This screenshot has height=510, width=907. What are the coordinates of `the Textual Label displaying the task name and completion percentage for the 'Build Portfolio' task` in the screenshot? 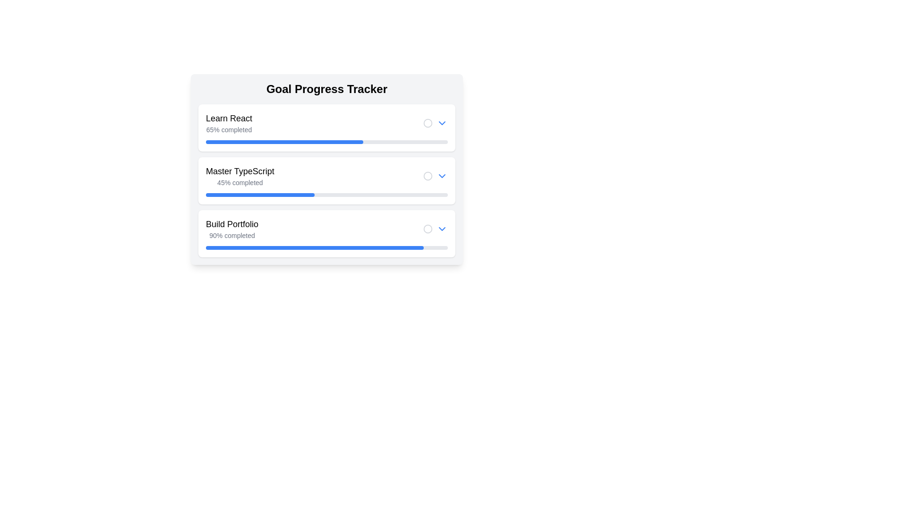 It's located at (232, 229).